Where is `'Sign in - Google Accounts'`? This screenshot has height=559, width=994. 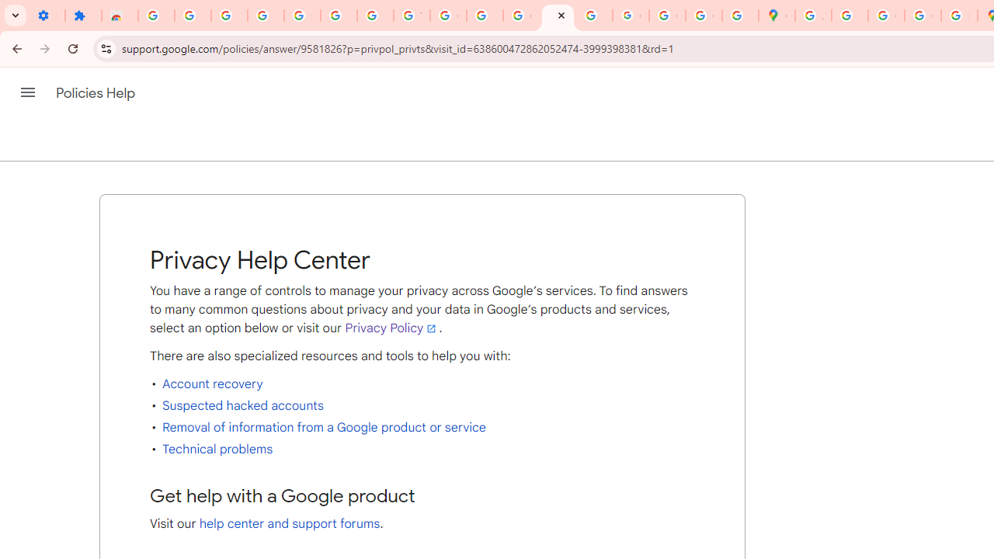
'Sign in - Google Accounts' is located at coordinates (156, 16).